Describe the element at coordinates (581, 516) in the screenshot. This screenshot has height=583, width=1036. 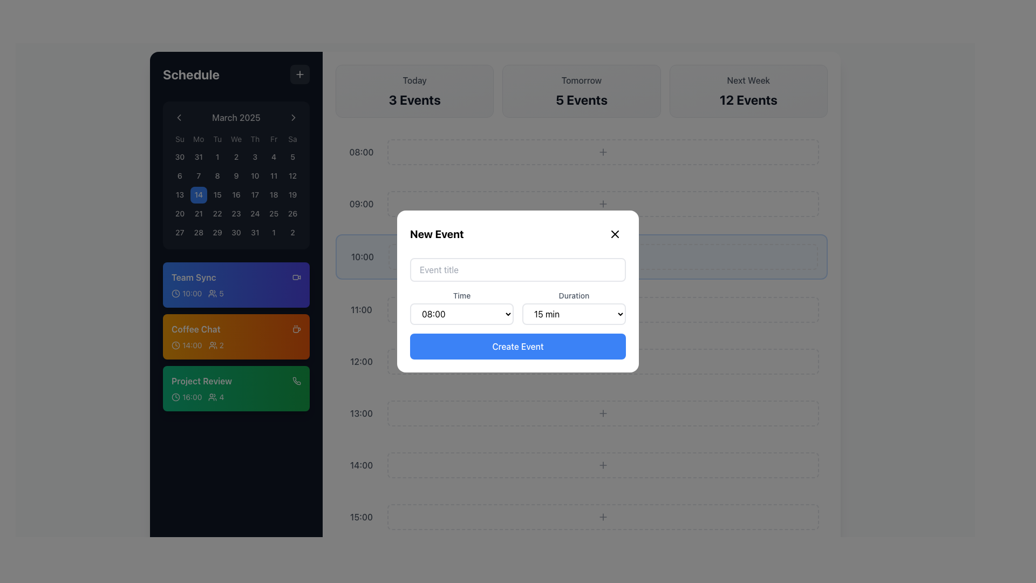
I see `the horizontal time slot bar displaying '15:00'` at that location.